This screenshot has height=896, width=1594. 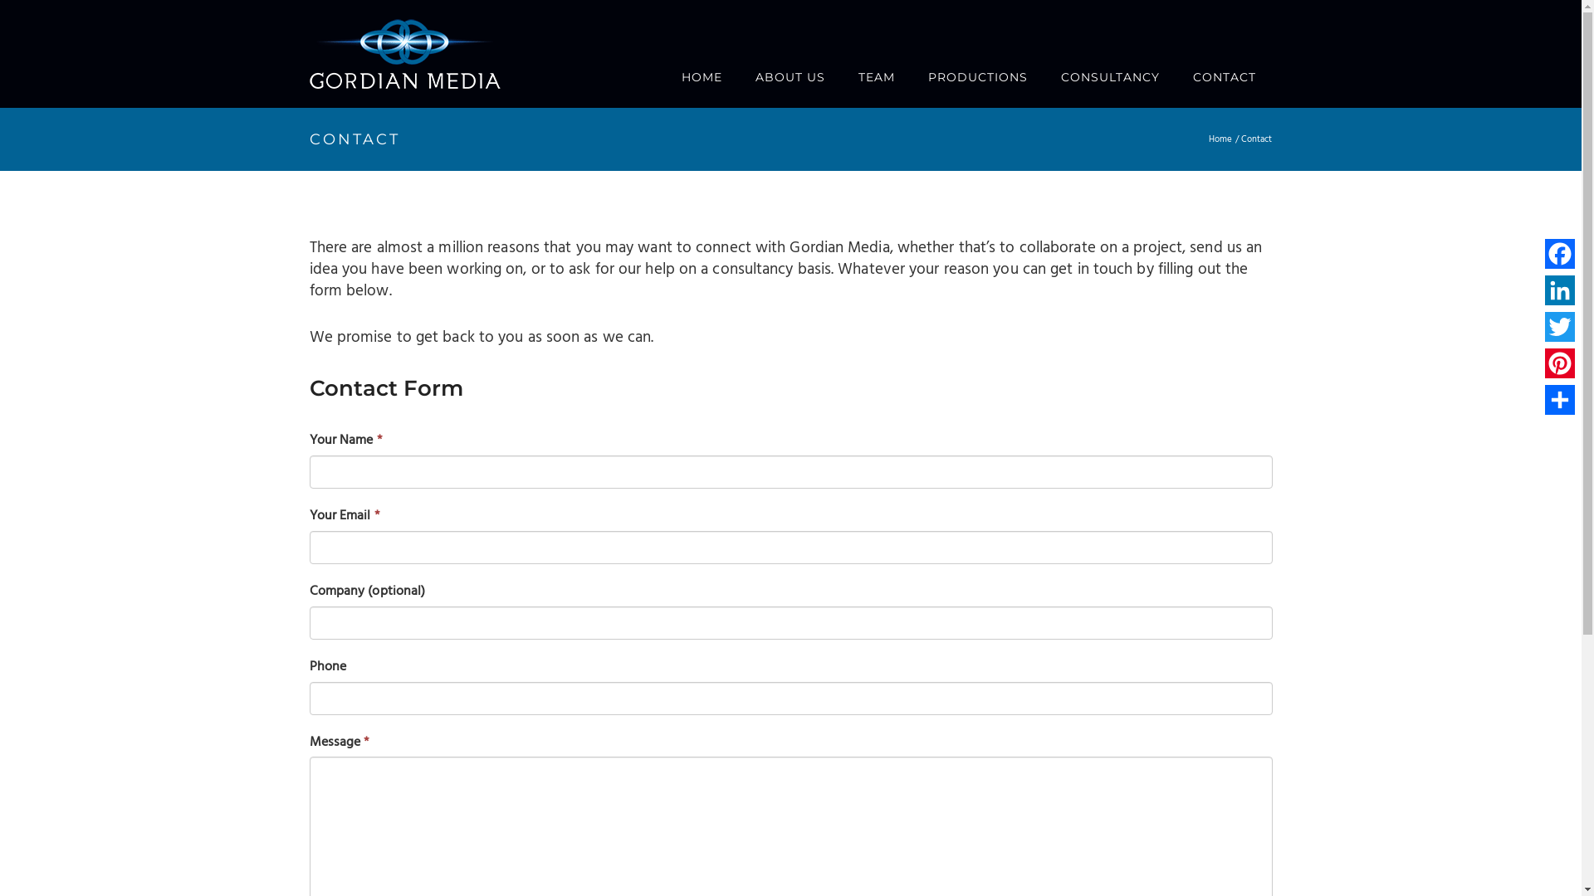 I want to click on 'Twitter', so click(x=1541, y=326).